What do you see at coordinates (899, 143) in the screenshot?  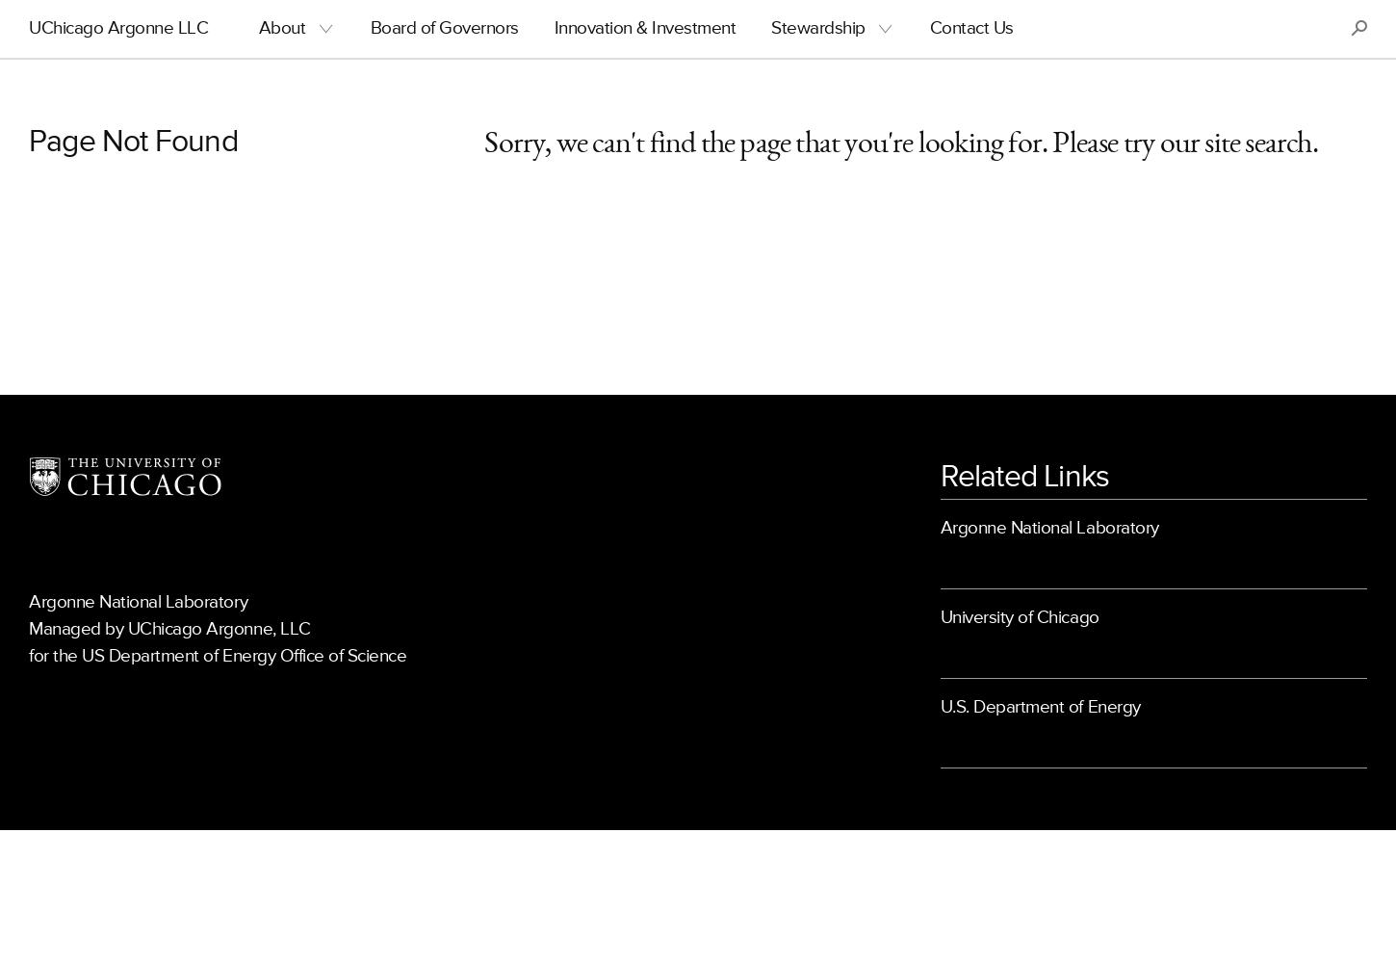 I see `'Sorry, we can't find the page that you're looking for. Please try our site search.'` at bounding box center [899, 143].